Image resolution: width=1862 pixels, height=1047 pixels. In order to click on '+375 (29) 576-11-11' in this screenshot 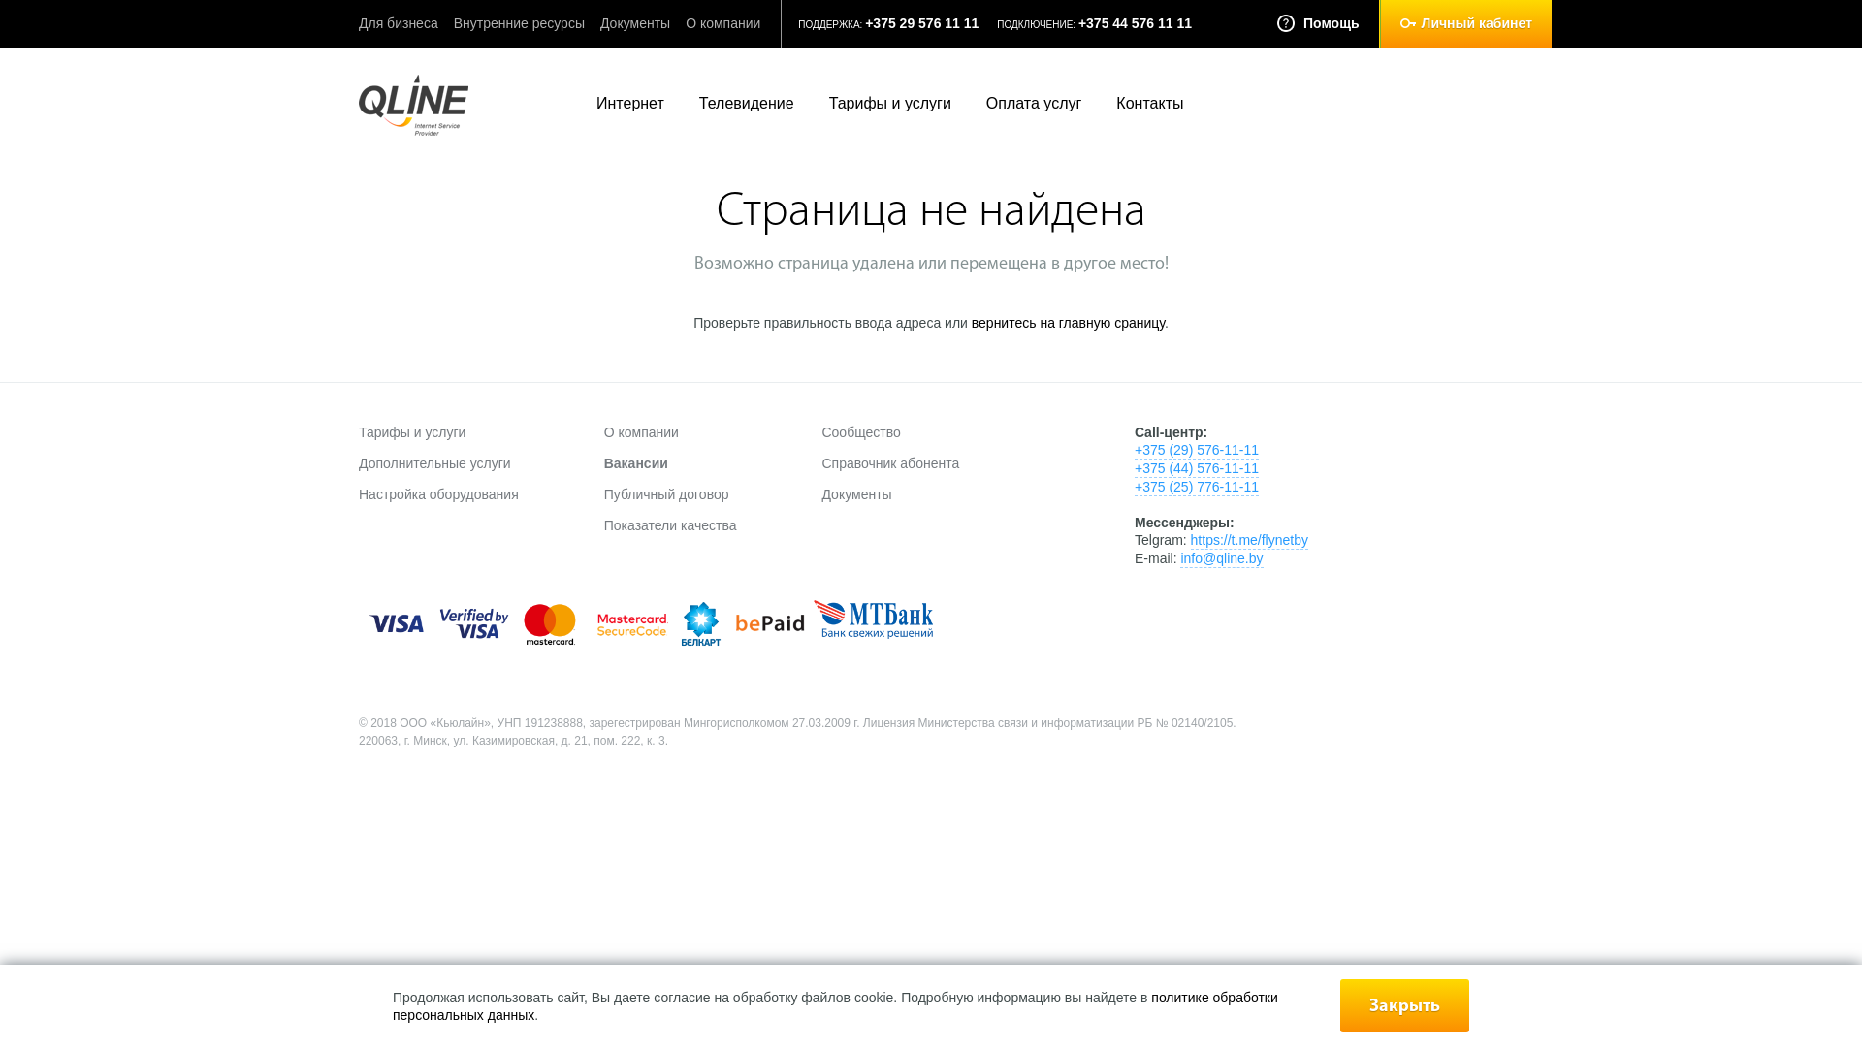, I will do `click(1135, 450)`.